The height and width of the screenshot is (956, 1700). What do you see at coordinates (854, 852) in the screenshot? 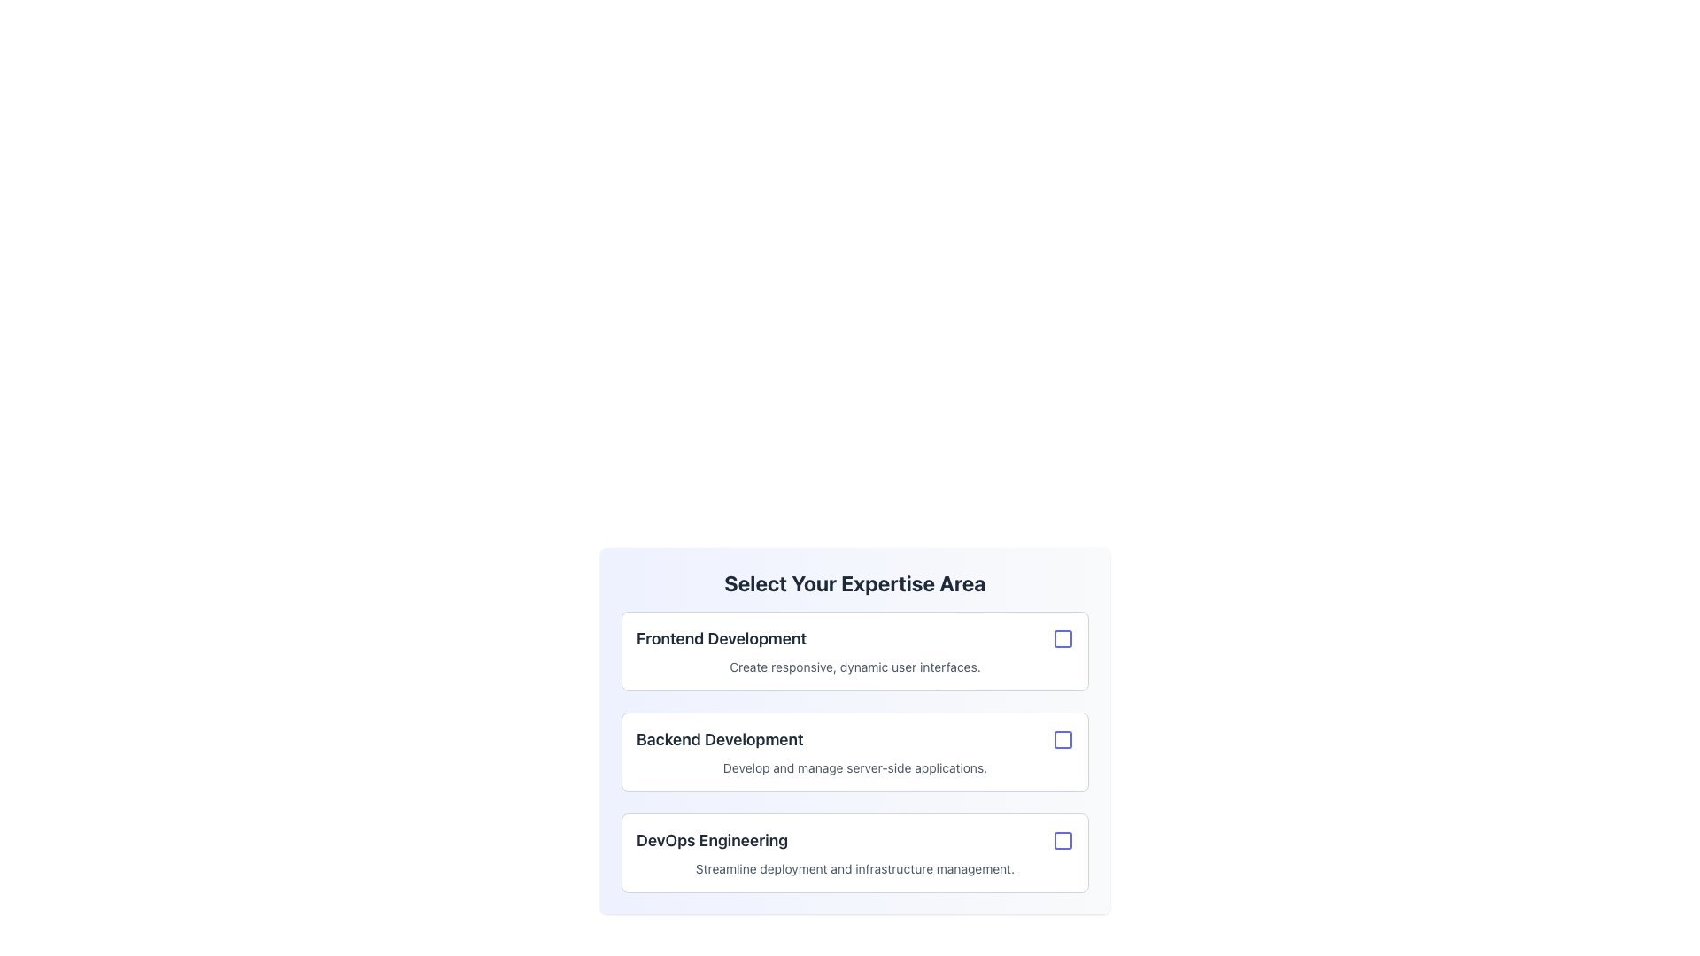
I see `the checkbox card for DevOps Engineering expertise selection, positioned below the Backend Development card in a vertical list of three elements` at bounding box center [854, 852].